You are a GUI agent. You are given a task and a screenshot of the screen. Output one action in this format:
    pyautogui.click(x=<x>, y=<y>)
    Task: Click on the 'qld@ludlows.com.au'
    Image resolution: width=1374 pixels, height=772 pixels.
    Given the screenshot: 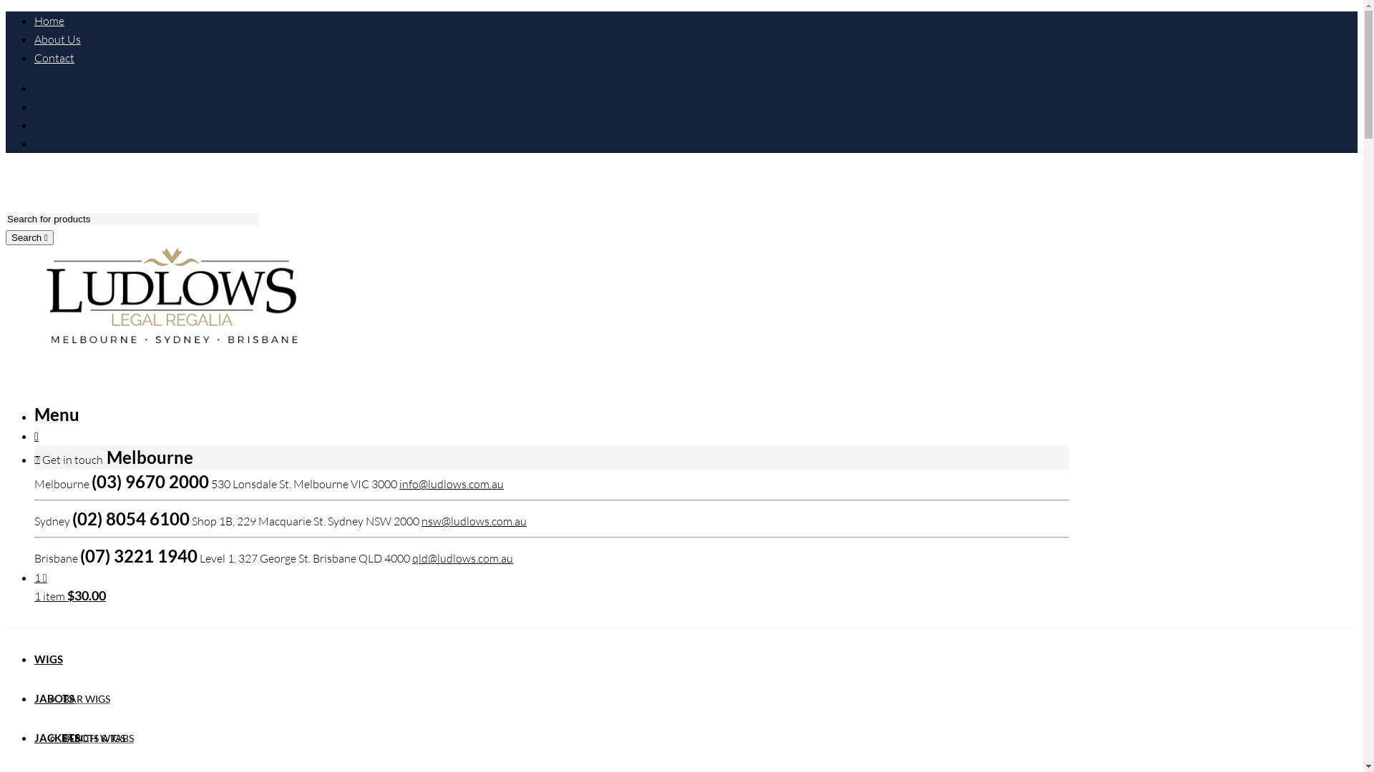 What is the action you would take?
    pyautogui.click(x=462, y=557)
    